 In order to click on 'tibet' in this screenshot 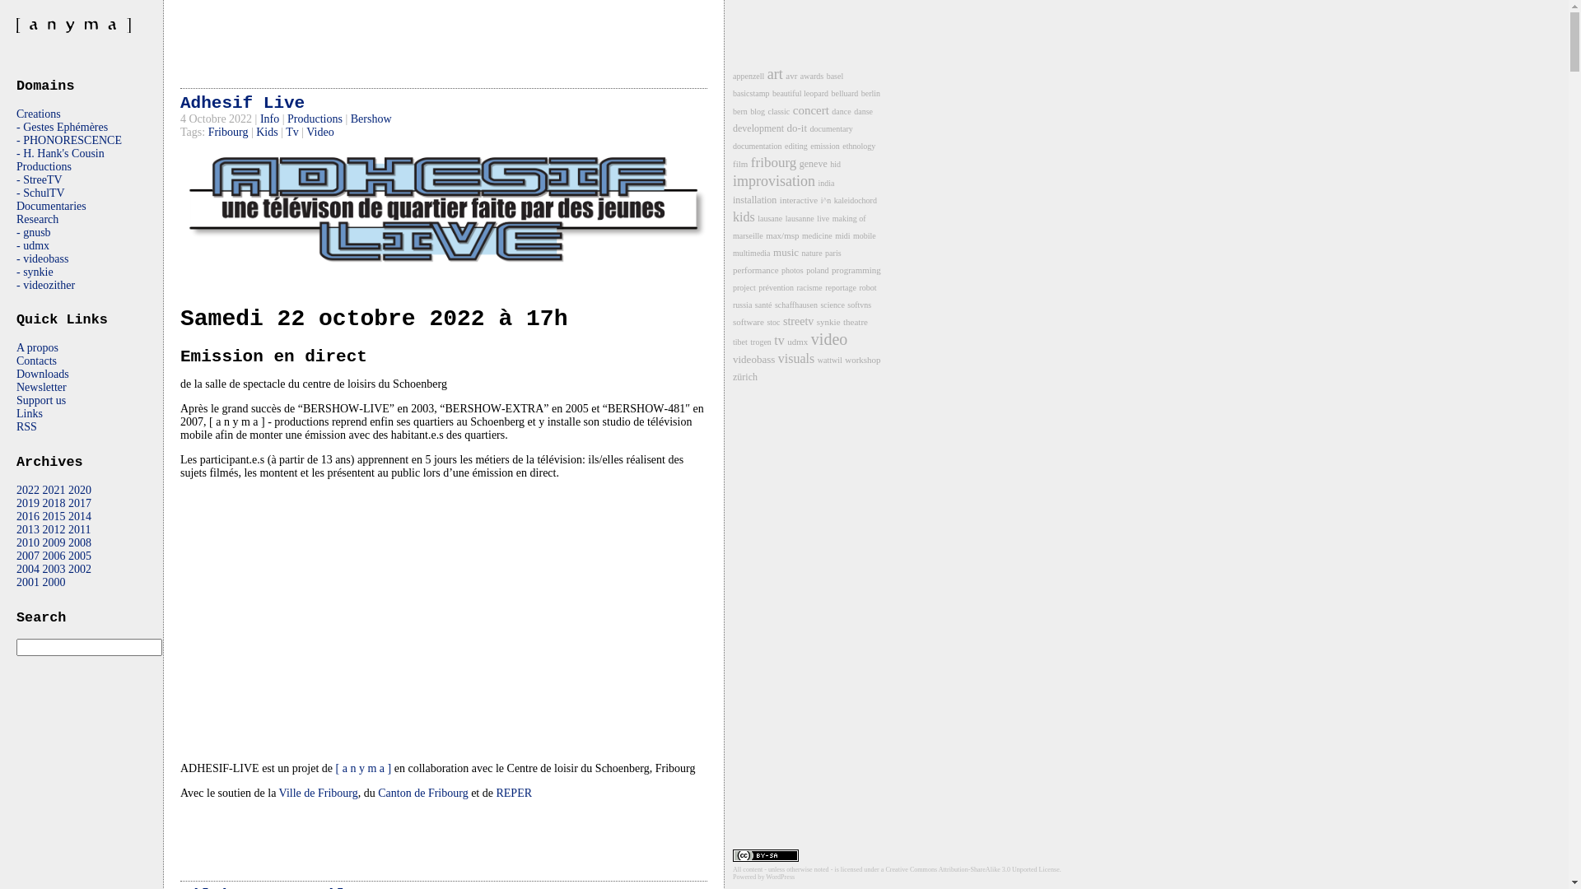, I will do `click(731, 341)`.